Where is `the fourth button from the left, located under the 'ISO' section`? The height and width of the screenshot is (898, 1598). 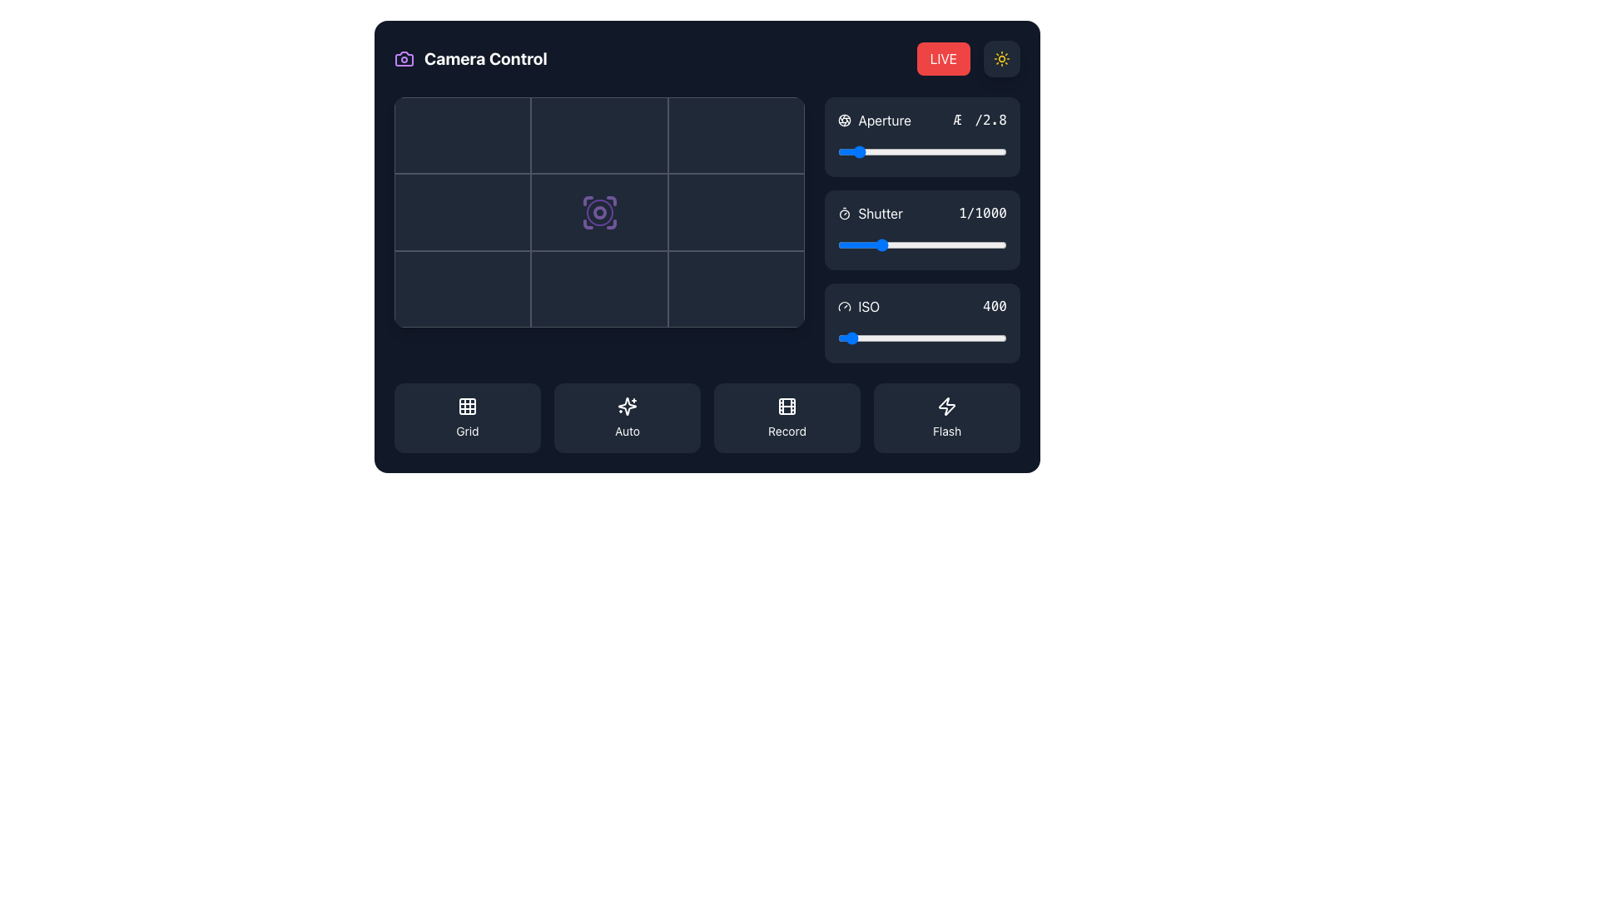
the fourth button from the left, located under the 'ISO' section is located at coordinates (946, 417).